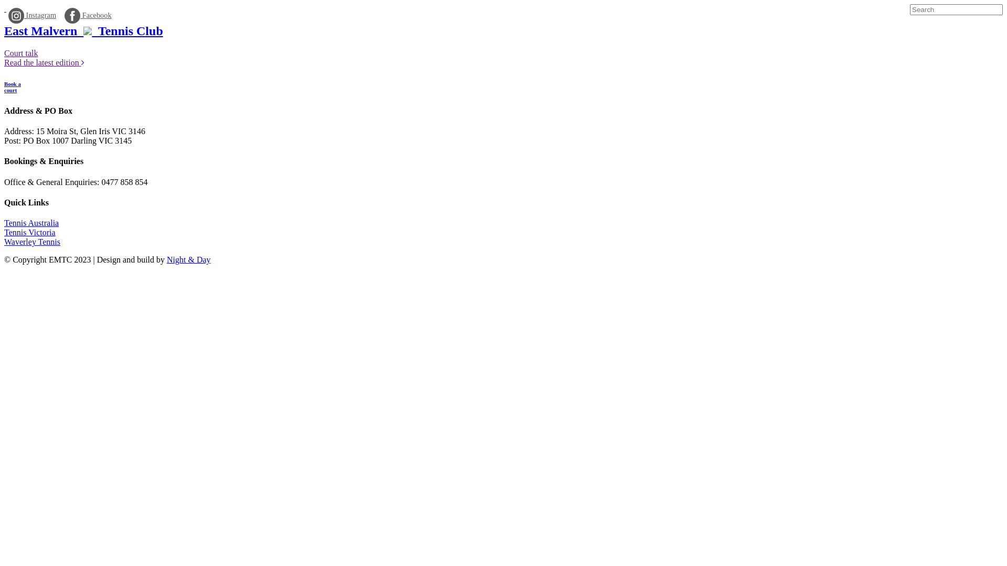 This screenshot has height=566, width=1007. Describe the element at coordinates (88, 16) in the screenshot. I see `'Facebook'` at that location.